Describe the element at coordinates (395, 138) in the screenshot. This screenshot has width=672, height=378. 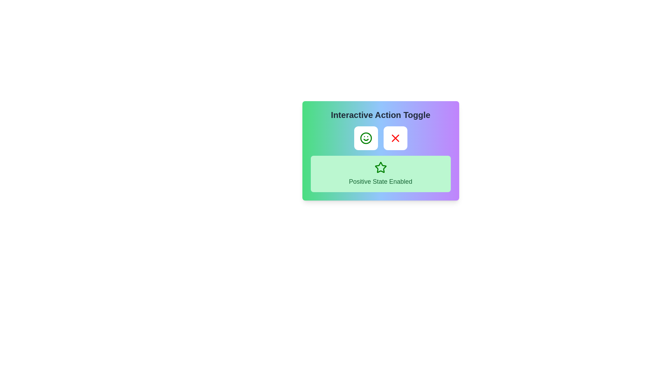
I see `the second button in the 'Interactive Action Toggle' group, which is labeled as 'Negative Action'` at that location.